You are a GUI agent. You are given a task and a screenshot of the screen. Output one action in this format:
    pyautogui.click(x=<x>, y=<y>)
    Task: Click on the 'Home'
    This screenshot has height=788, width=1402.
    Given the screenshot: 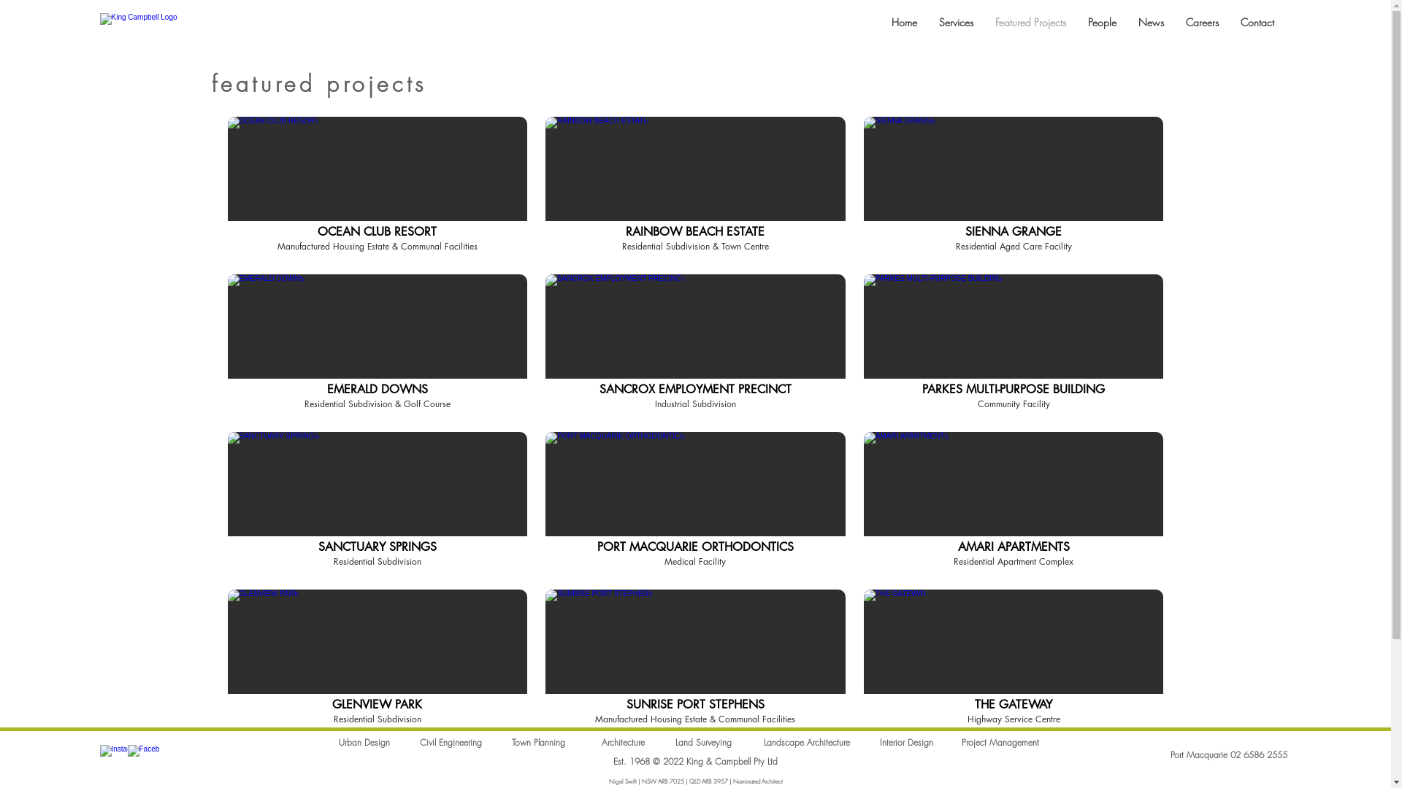 What is the action you would take?
    pyautogui.click(x=903, y=22)
    